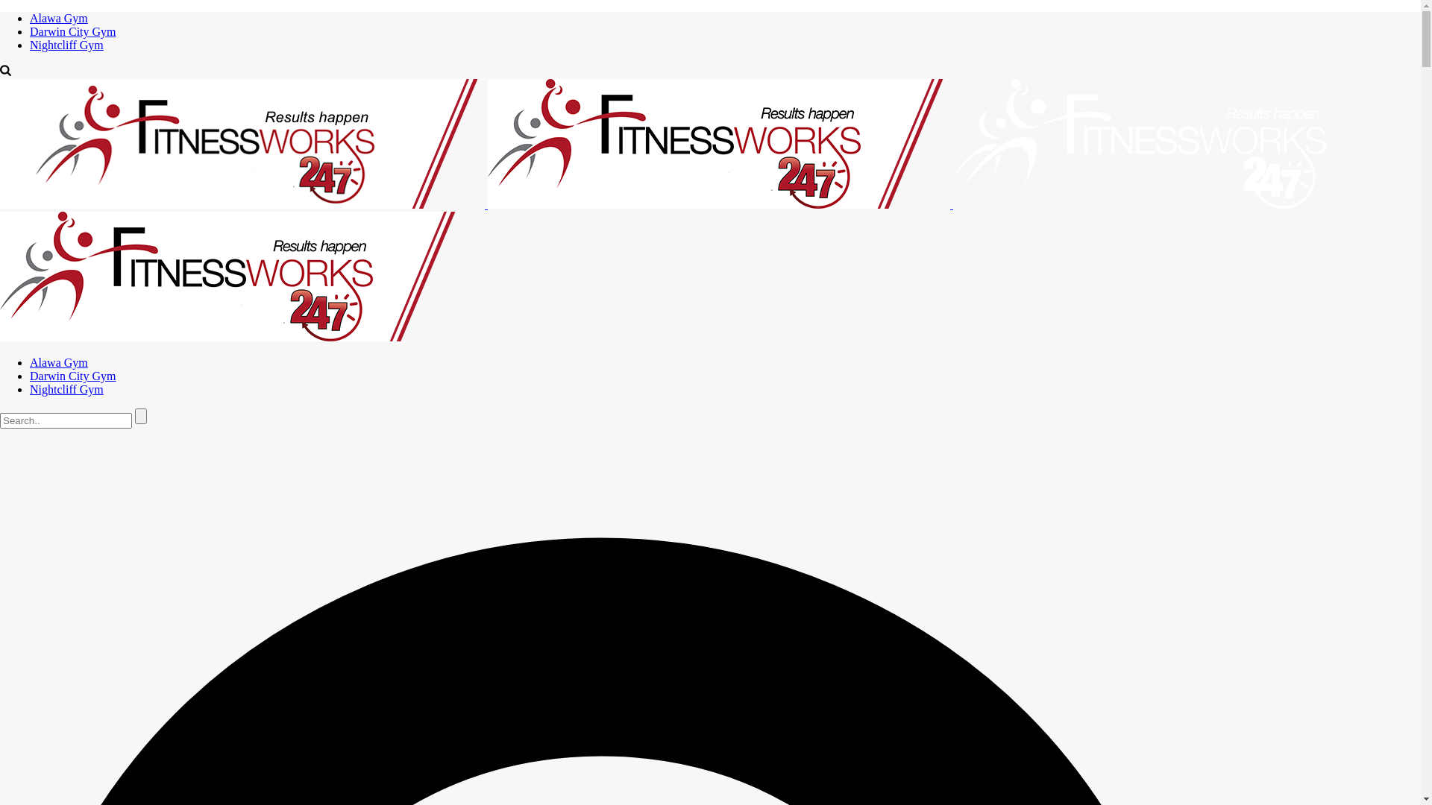 This screenshot has width=1432, height=805. I want to click on 'Darwin Gyms and Personal Training', so click(952, 143).